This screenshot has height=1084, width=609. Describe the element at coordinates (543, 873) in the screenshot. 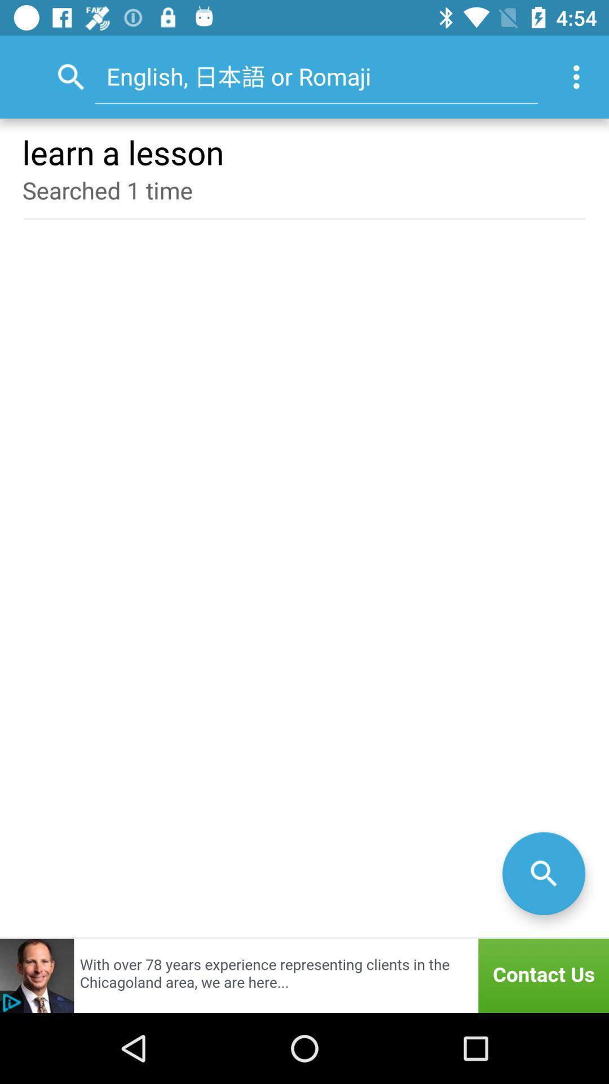

I see `favorite` at that location.